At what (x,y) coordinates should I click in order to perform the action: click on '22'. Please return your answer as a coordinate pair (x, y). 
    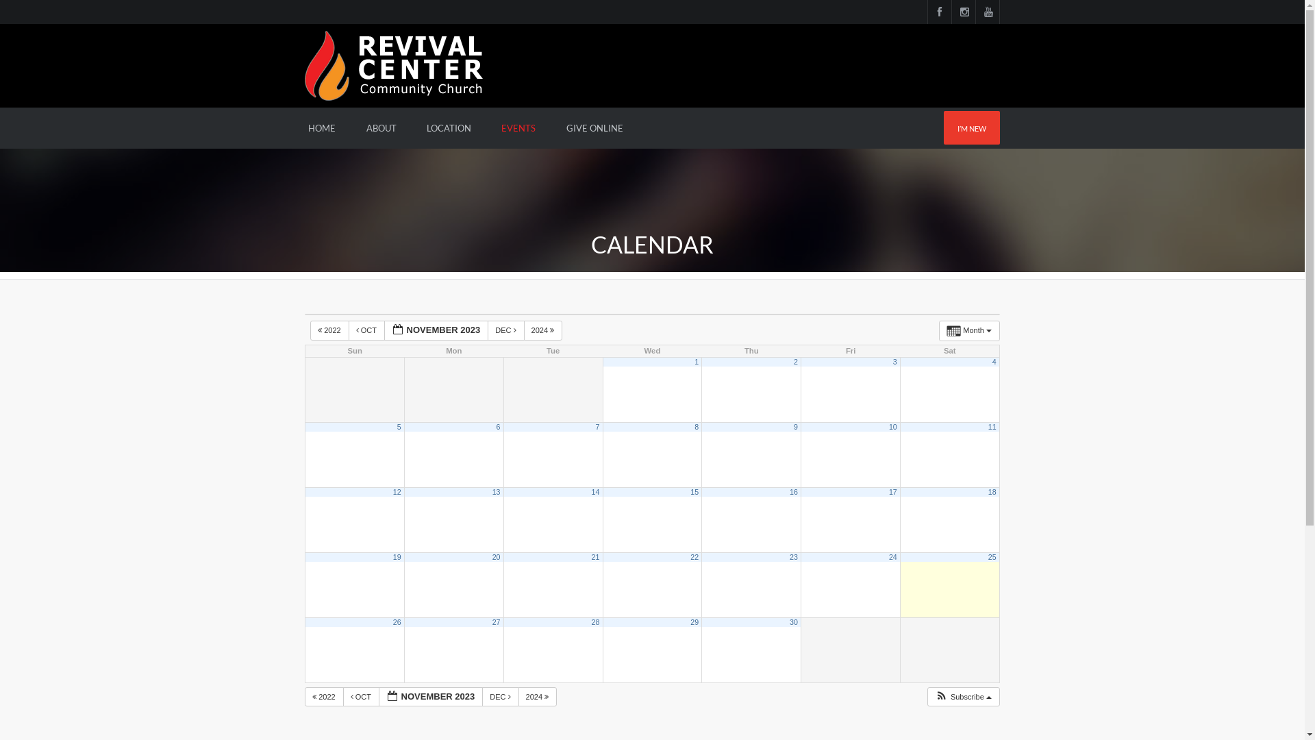
    Looking at the image, I should click on (690, 557).